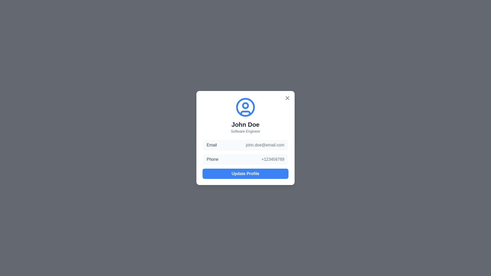 Image resolution: width=491 pixels, height=276 pixels. What do you see at coordinates (287, 98) in the screenshot?
I see `the close button located in the top-right corner of the profile card` at bounding box center [287, 98].